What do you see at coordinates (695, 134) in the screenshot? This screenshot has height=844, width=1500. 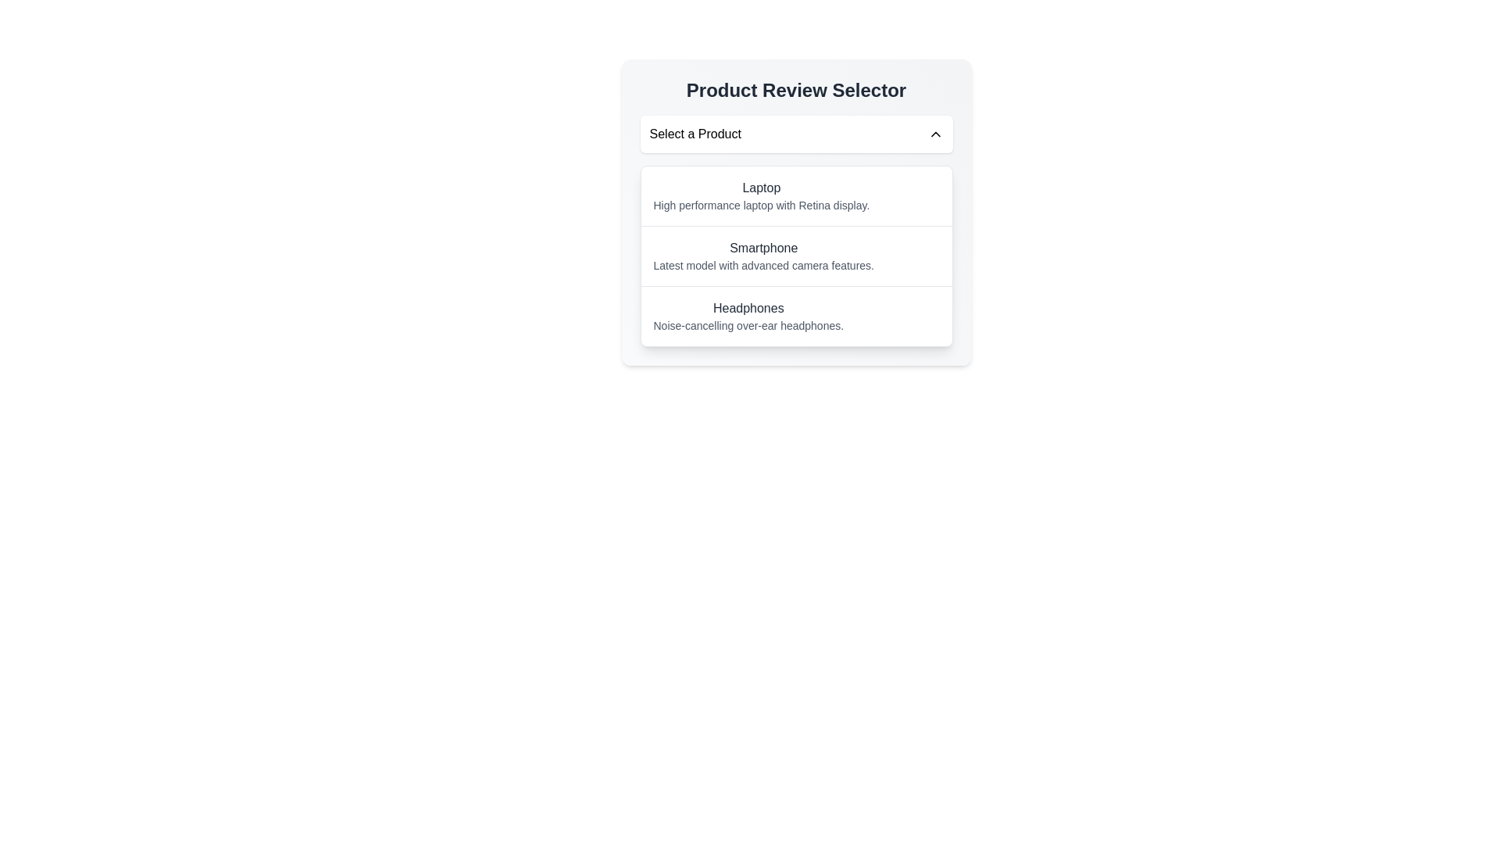 I see `the Text label that indicates the purpose of the dropdown titled 'Select a Product'` at bounding box center [695, 134].